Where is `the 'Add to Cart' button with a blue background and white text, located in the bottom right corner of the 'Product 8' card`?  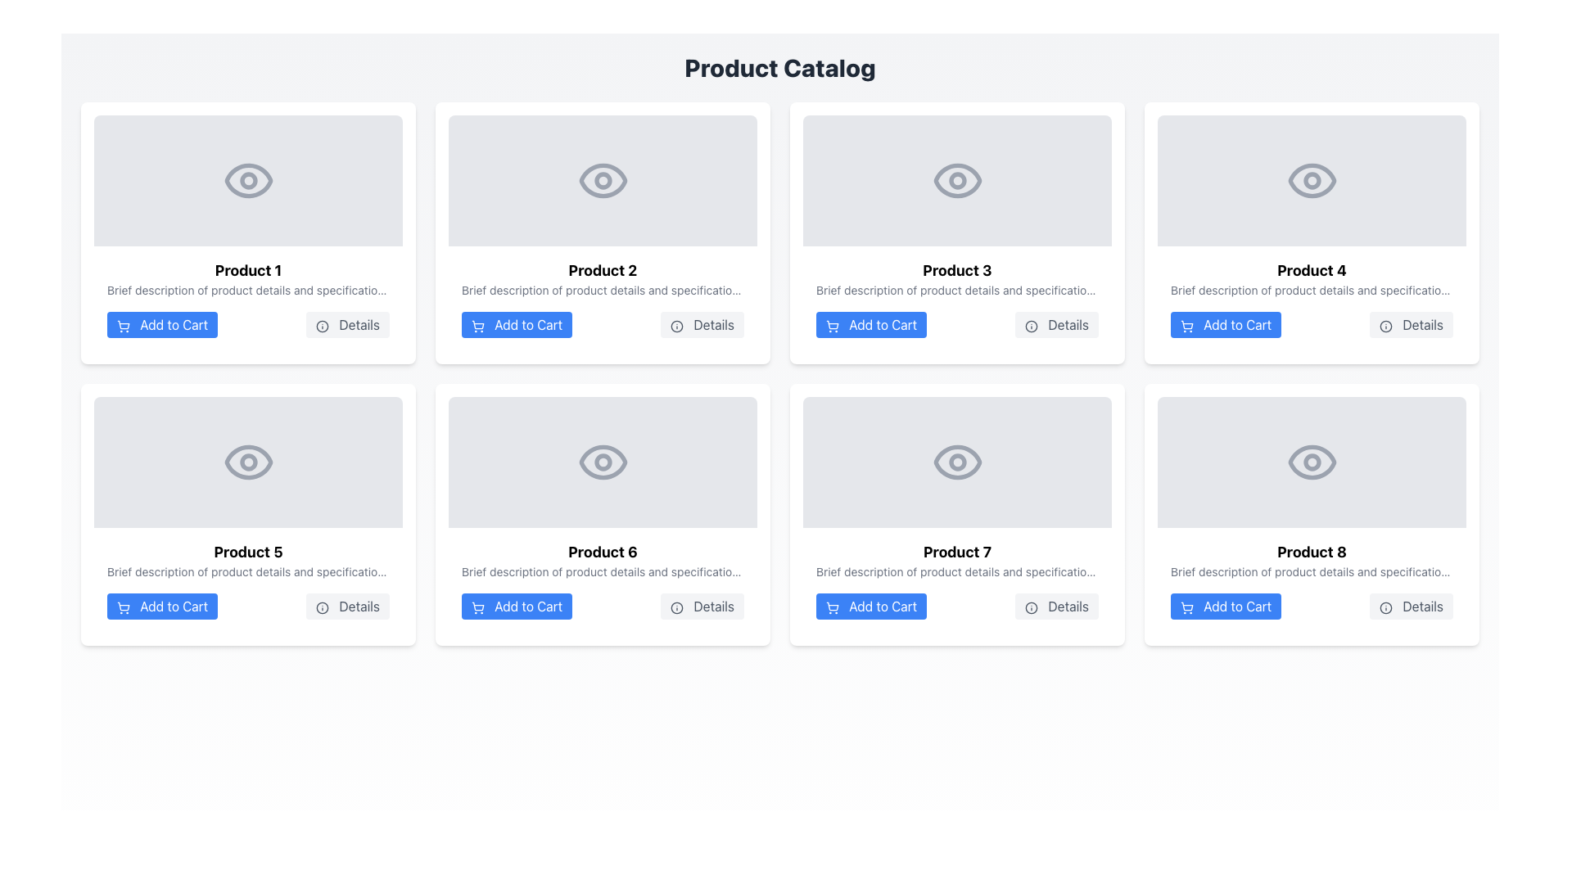
the 'Add to Cart' button with a blue background and white text, located in the bottom right corner of the 'Product 8' card is located at coordinates (1226, 606).